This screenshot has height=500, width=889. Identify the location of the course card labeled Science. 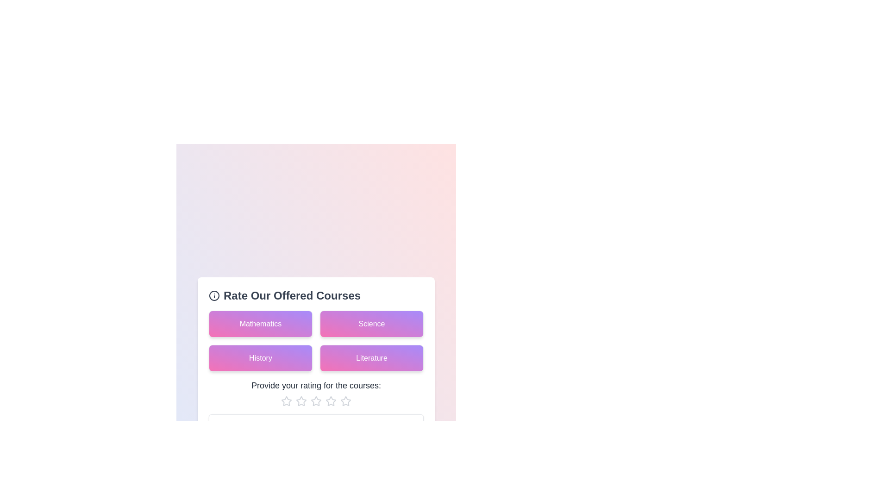
(371, 323).